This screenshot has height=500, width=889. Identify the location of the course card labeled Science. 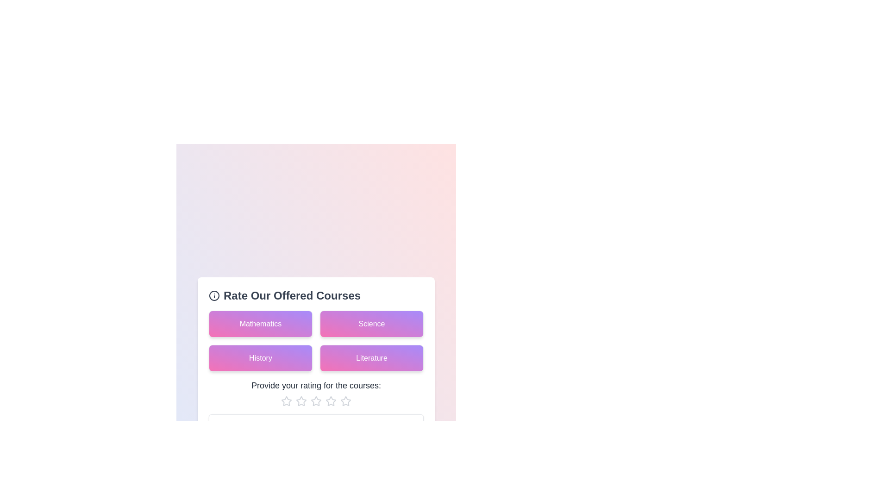
(371, 323).